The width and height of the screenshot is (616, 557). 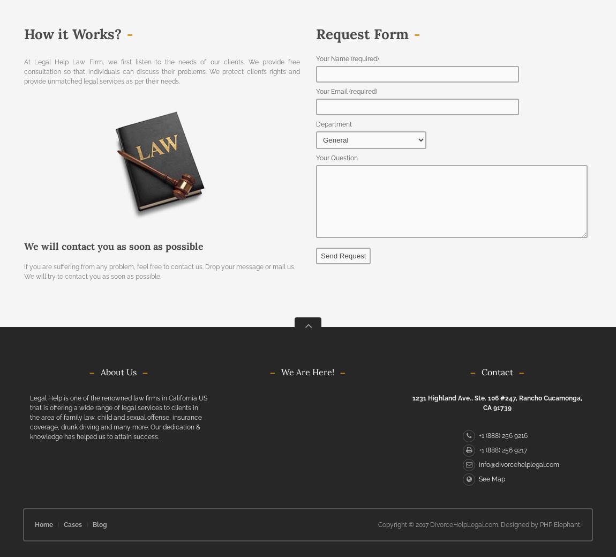 What do you see at coordinates (519, 464) in the screenshot?
I see `'info@divorcehelplegal.com'` at bounding box center [519, 464].